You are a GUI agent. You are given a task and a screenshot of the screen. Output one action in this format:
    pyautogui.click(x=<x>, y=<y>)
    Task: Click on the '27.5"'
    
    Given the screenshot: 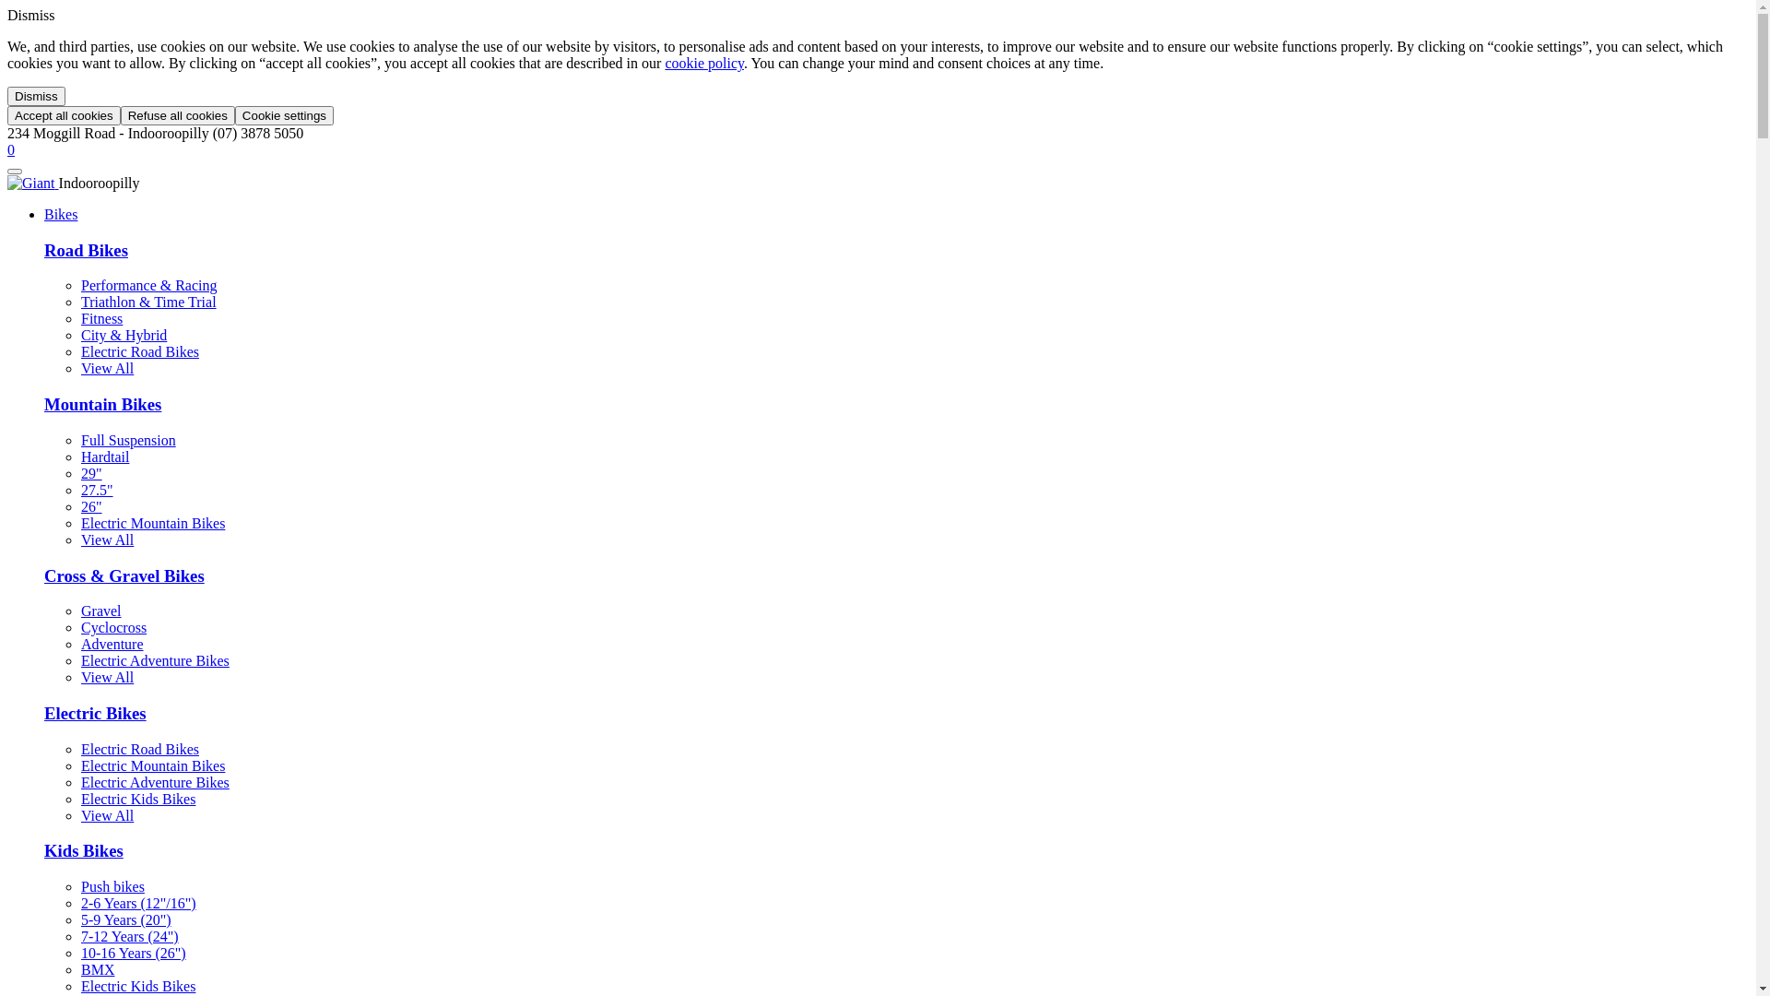 What is the action you would take?
    pyautogui.click(x=96, y=489)
    